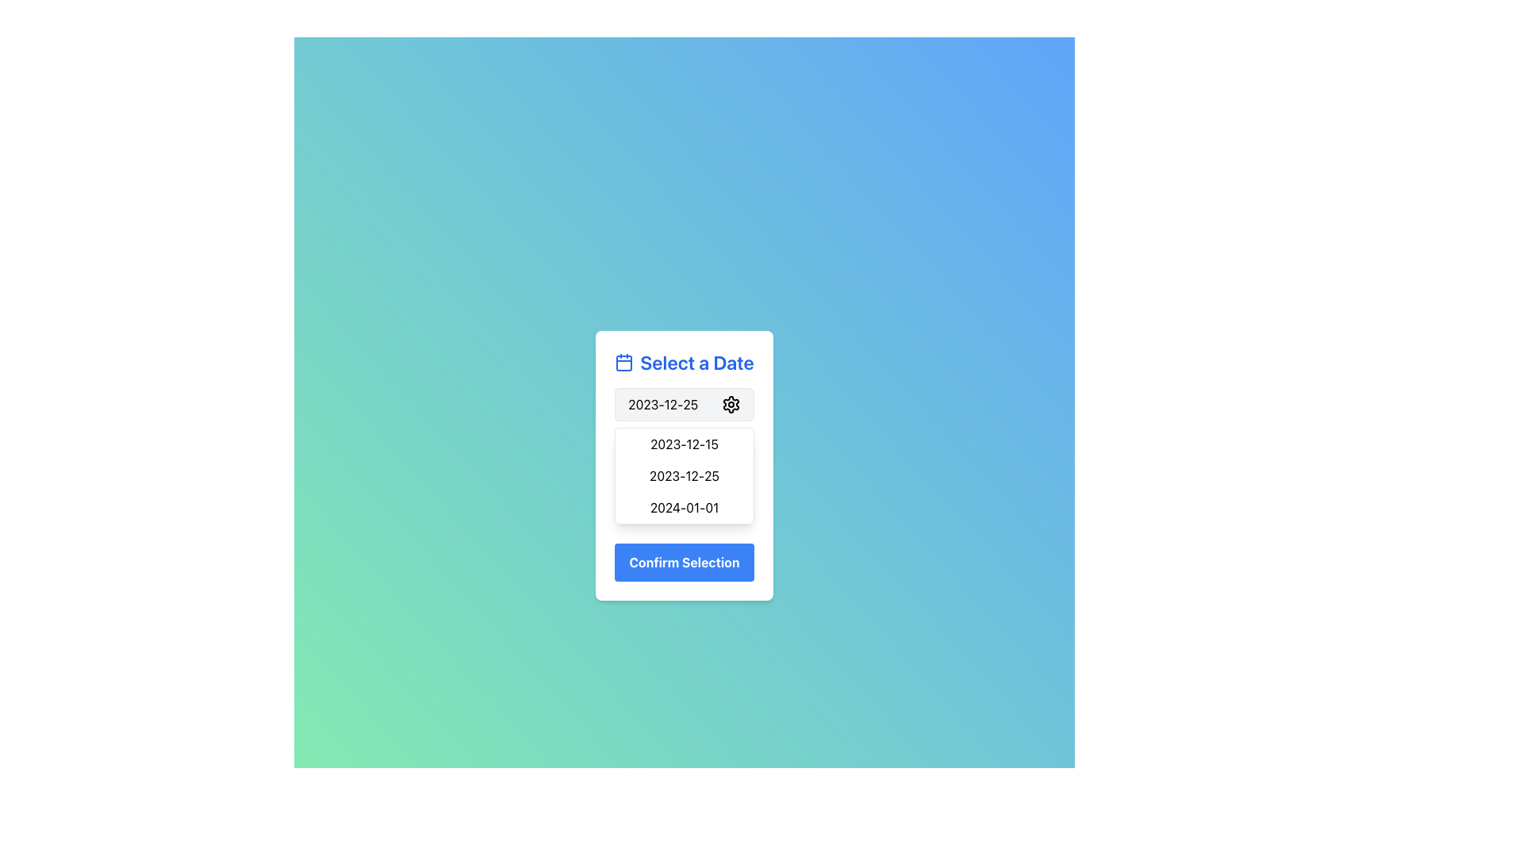 This screenshot has width=1523, height=857. What do you see at coordinates (685, 403) in the screenshot?
I see `the dropdown item displaying '2023-12-25'` at bounding box center [685, 403].